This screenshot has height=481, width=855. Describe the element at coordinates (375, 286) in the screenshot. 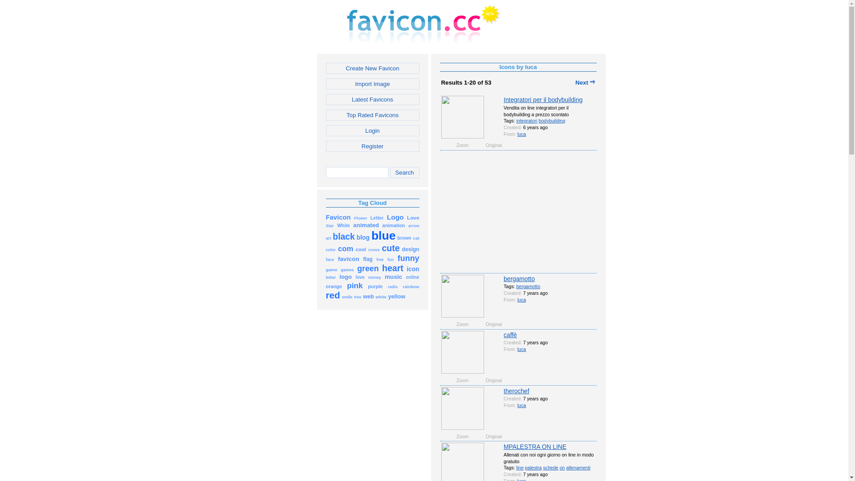

I see `'purple'` at that location.